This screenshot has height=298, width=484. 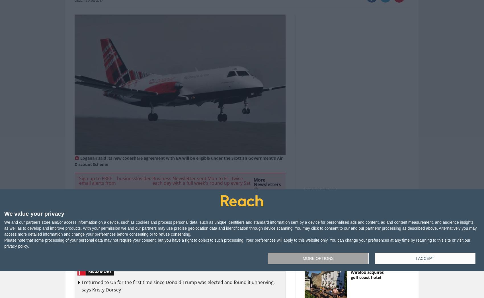 I want to click on 'Wirefox acquires golf coast hotel', so click(x=350, y=274).